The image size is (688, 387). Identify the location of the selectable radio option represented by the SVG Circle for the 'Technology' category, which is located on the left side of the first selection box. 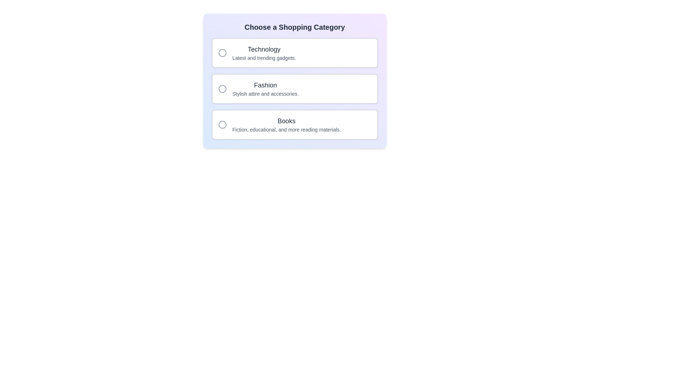
(222, 52).